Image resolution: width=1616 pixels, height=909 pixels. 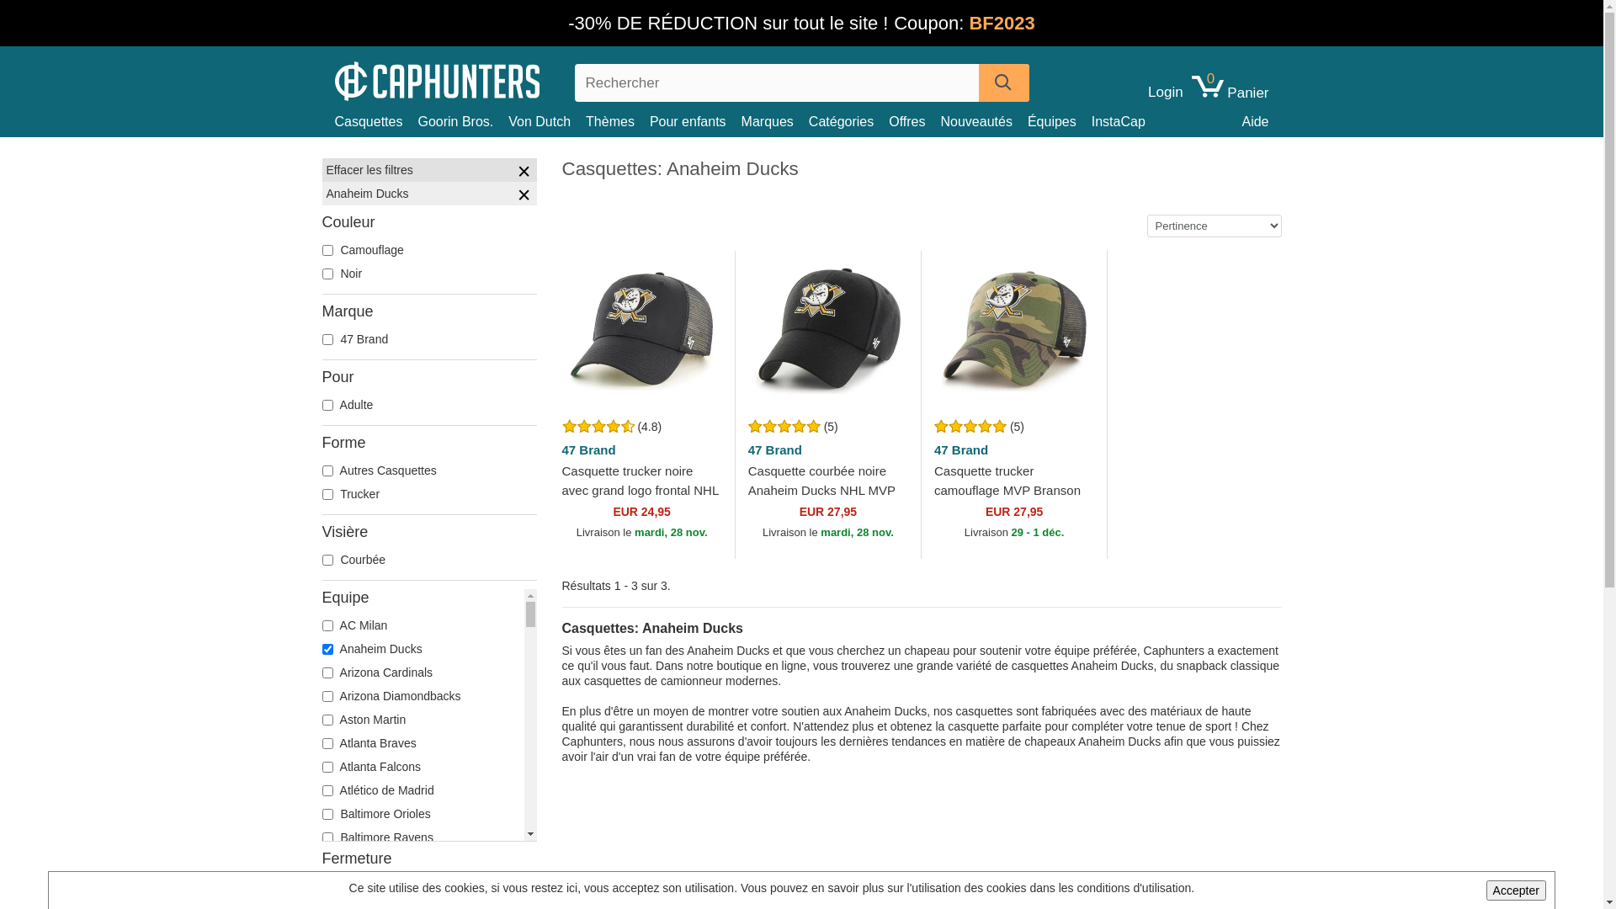 I want to click on 'Login', so click(x=1165, y=93).